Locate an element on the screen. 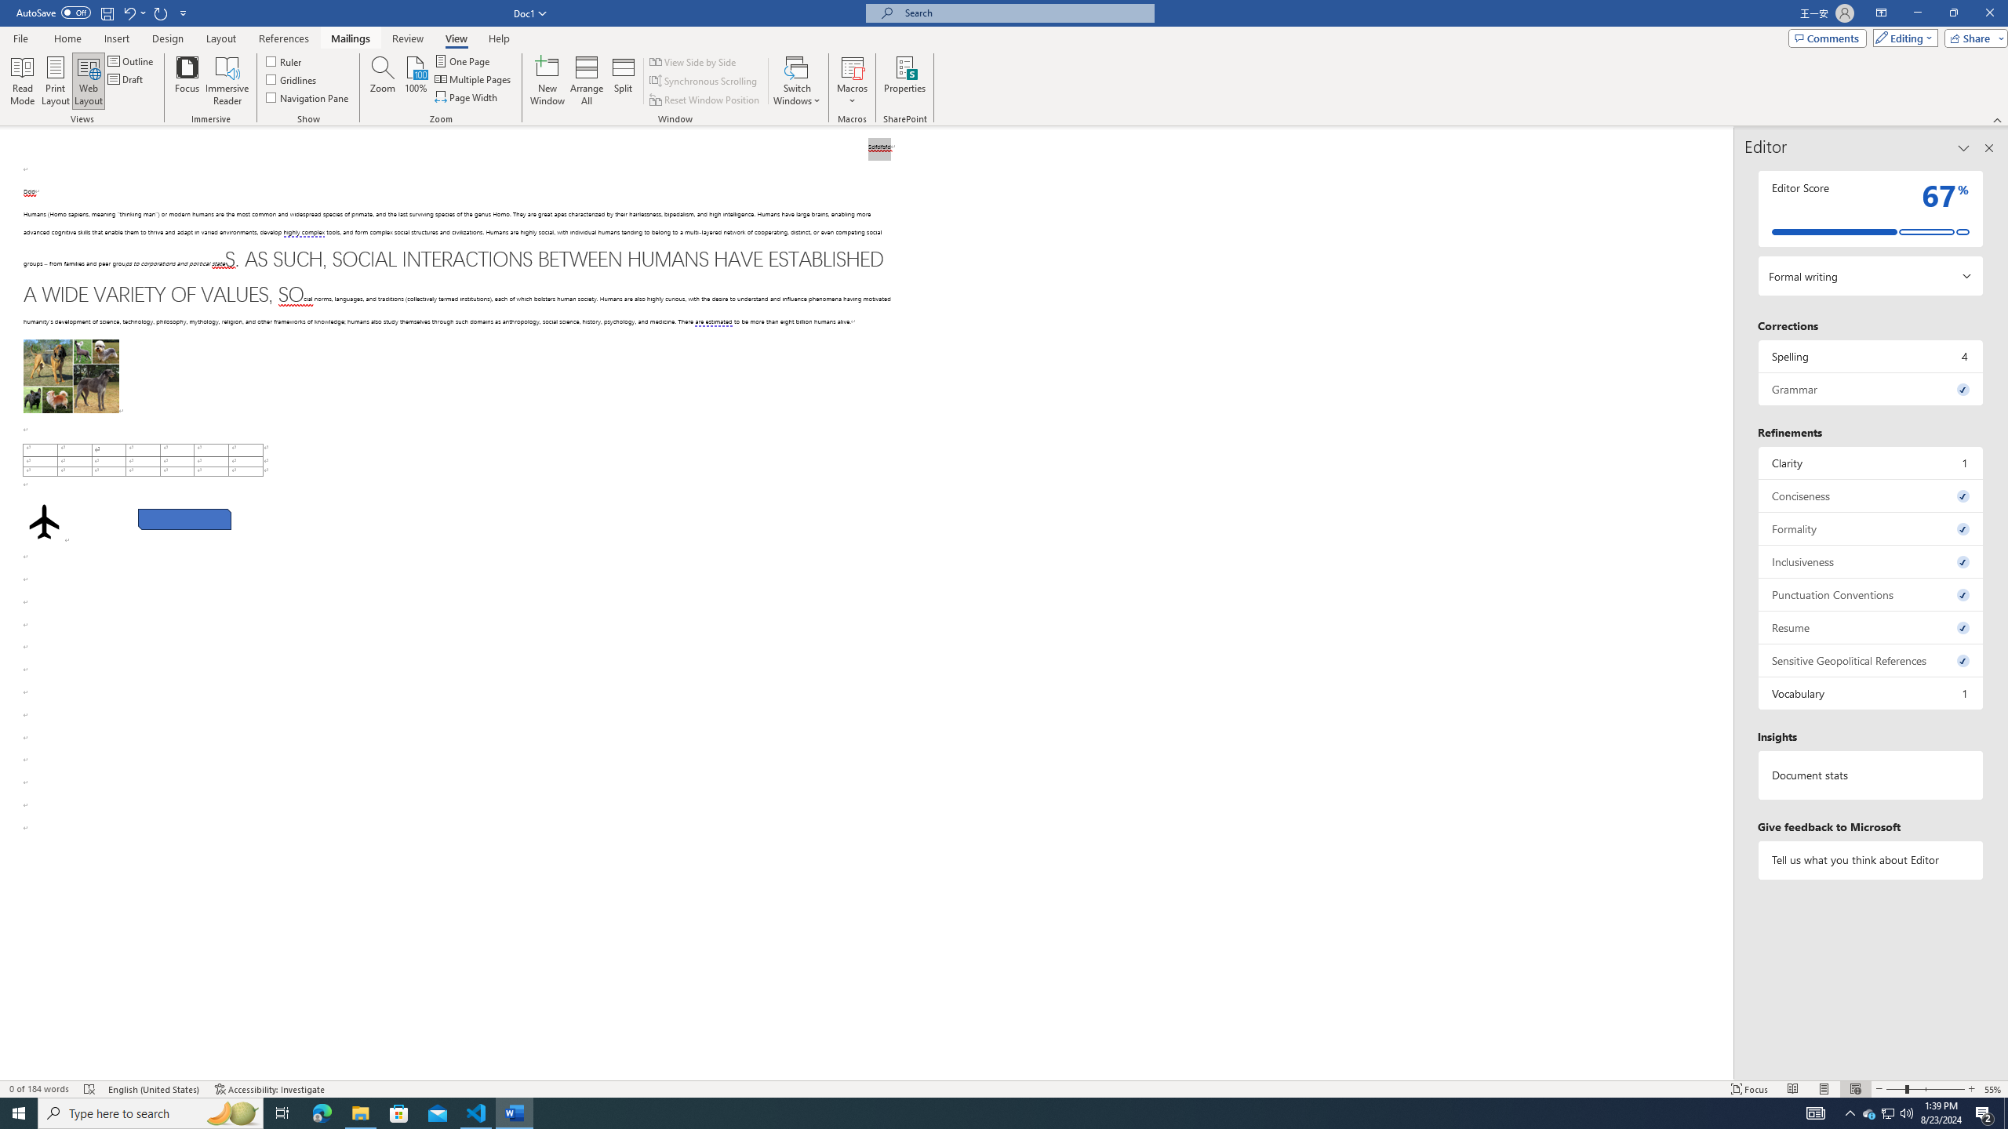 This screenshot has width=2008, height=1129. 'Vocabulary, 1 issue. Press space or enter to review items.' is located at coordinates (1870, 693).